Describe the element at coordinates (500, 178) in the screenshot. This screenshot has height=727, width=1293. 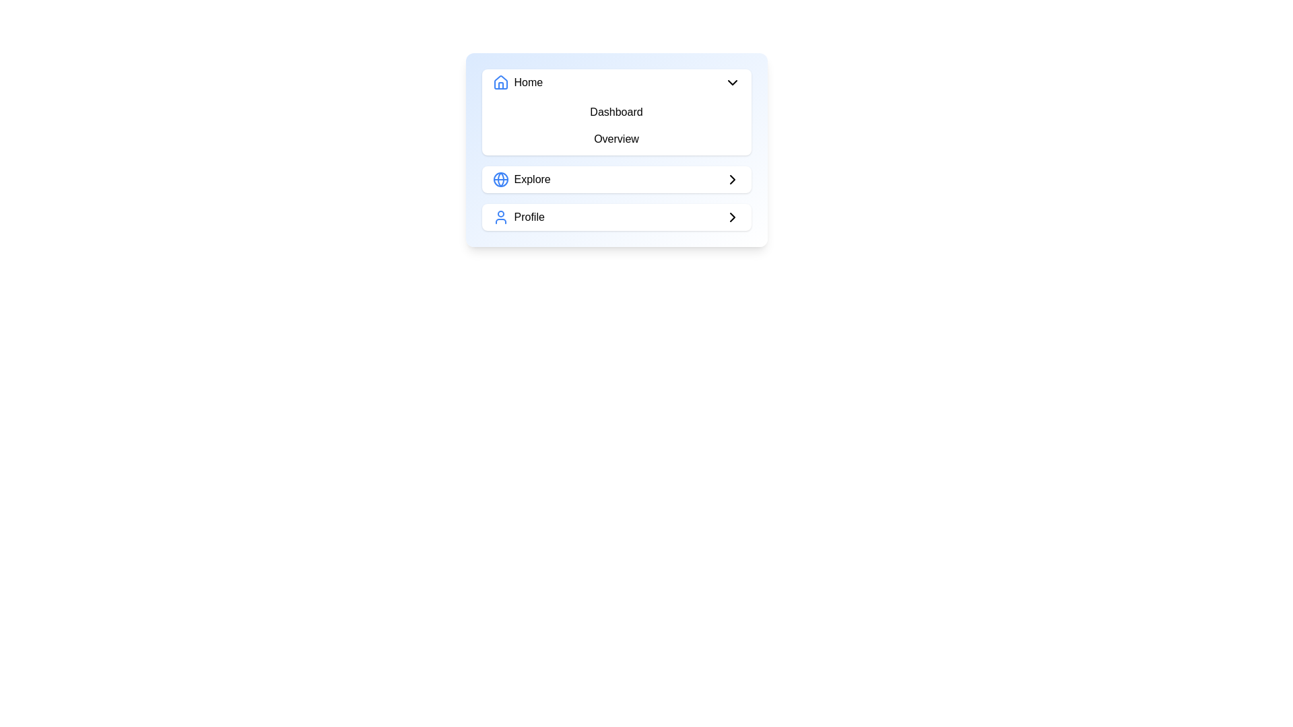
I see `the semi-elliptical line resembling a globe's meridian, which is part of the globe icon displayed with an 'Explore' label in the middle section of a menu card` at that location.